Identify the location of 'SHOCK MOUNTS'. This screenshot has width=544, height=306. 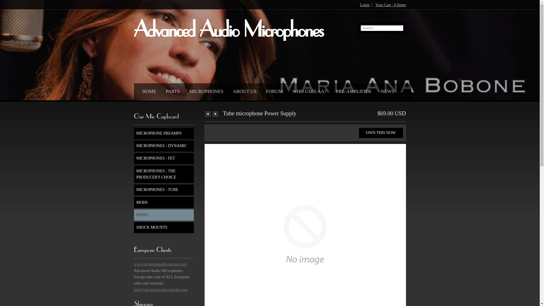
(163, 227).